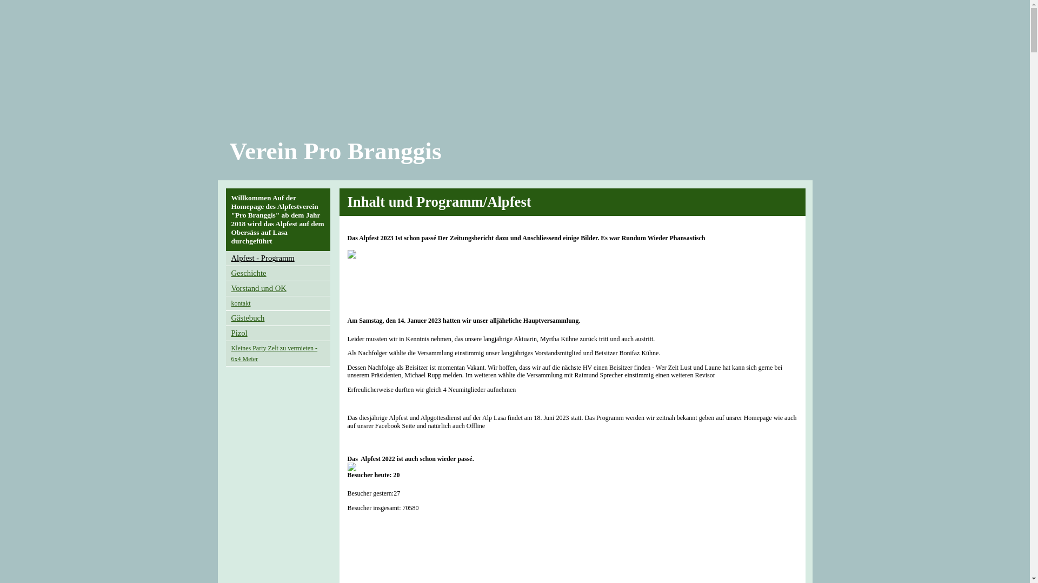  Describe the element at coordinates (275, 354) in the screenshot. I see `'Kleines Party Zelt zu vermieten - 6x4 Meter'` at that location.